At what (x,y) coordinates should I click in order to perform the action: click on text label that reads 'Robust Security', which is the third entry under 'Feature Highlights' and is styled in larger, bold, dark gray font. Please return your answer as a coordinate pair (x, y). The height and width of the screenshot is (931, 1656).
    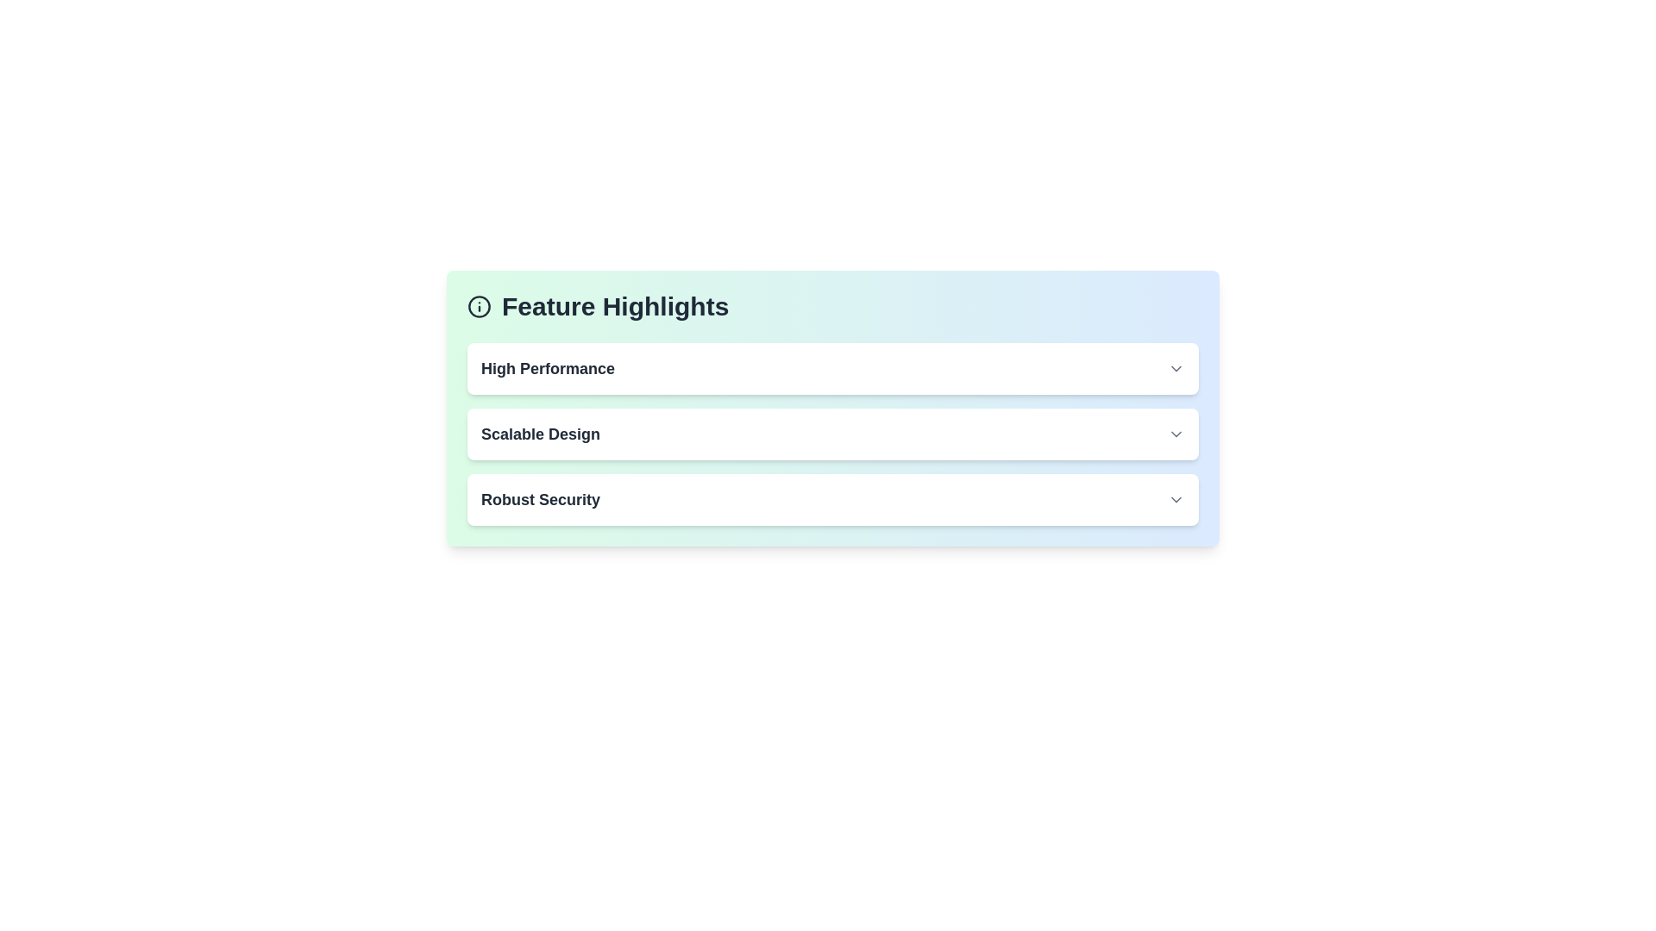
    Looking at the image, I should click on (540, 499).